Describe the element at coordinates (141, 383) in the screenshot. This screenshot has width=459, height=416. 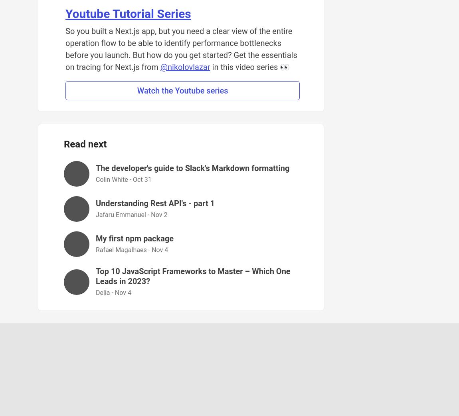
I see `'Forem'` at that location.